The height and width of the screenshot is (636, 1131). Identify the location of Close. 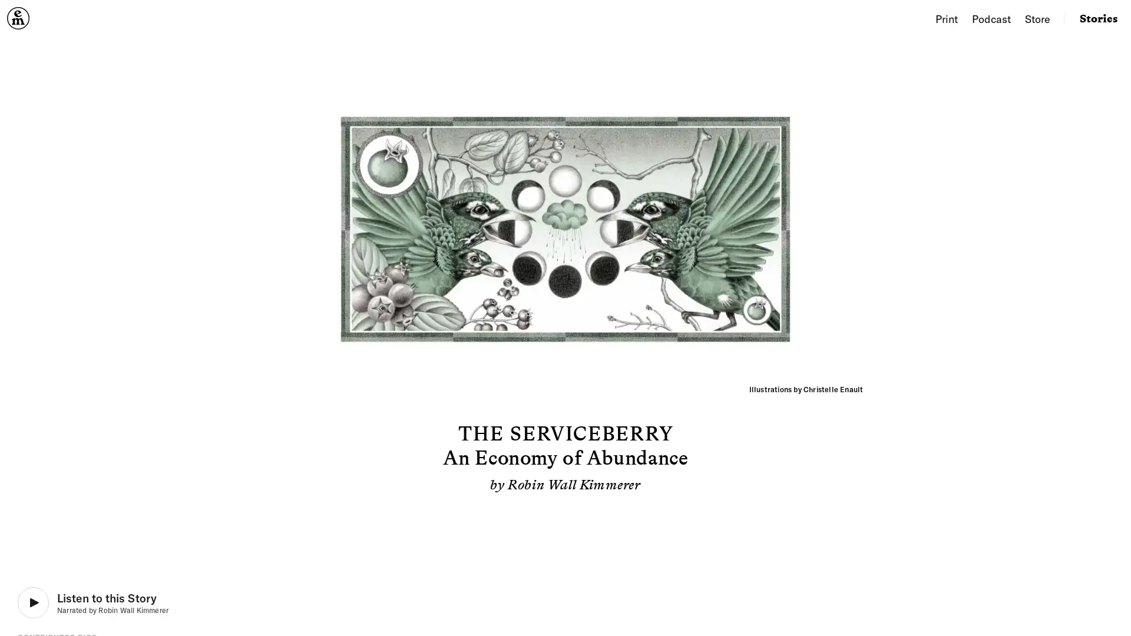
(703, 216).